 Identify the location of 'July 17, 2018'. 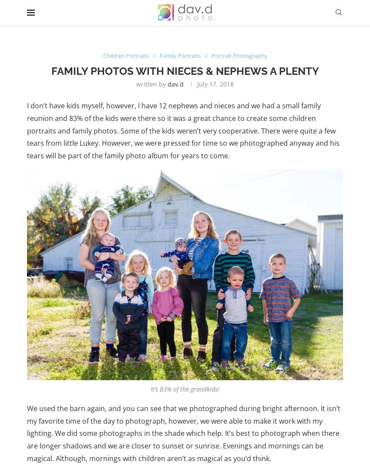
(215, 84).